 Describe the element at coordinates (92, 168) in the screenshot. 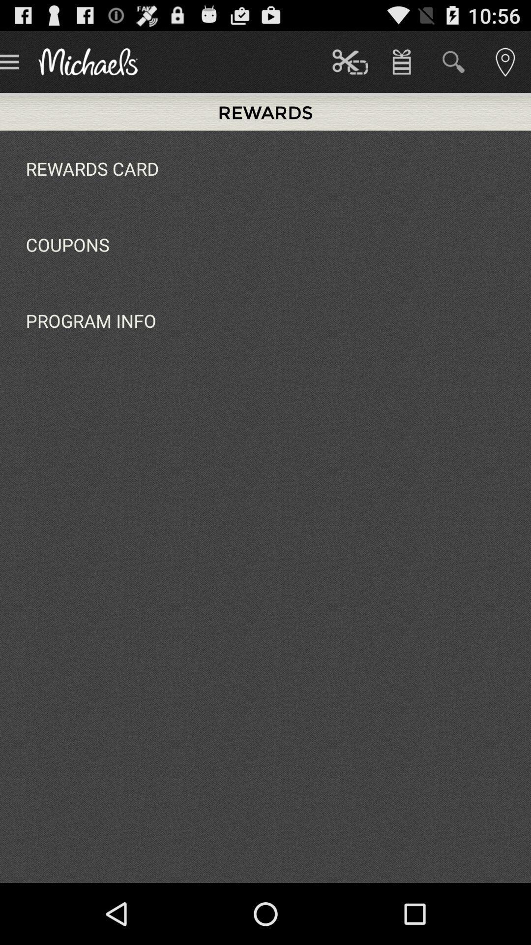

I see `the icon above coupons item` at that location.